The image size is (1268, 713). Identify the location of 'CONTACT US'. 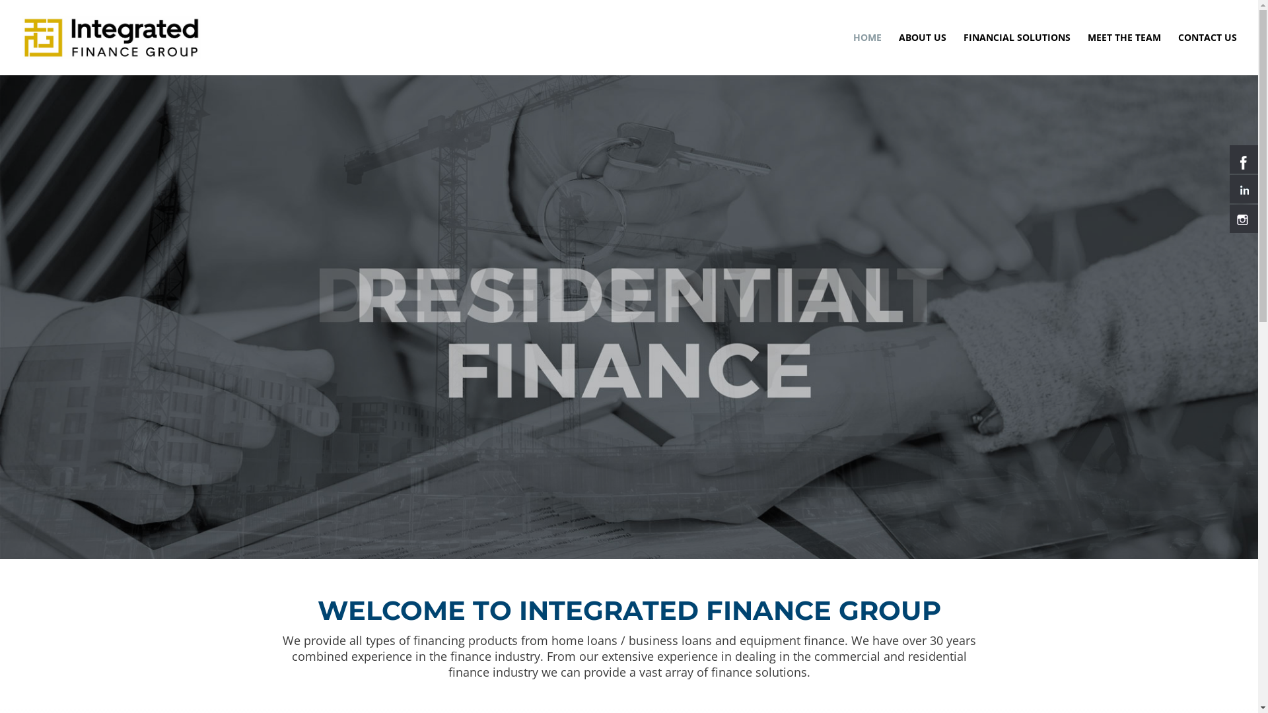
(1178, 53).